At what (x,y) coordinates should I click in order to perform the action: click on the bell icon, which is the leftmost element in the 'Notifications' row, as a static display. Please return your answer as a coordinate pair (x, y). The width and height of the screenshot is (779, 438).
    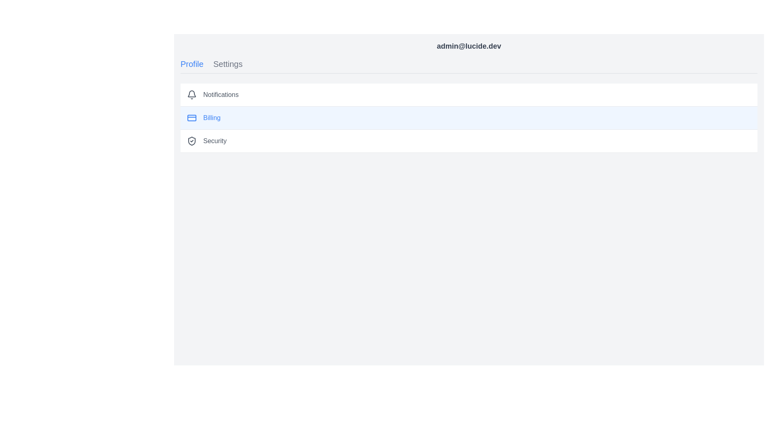
    Looking at the image, I should click on (192, 93).